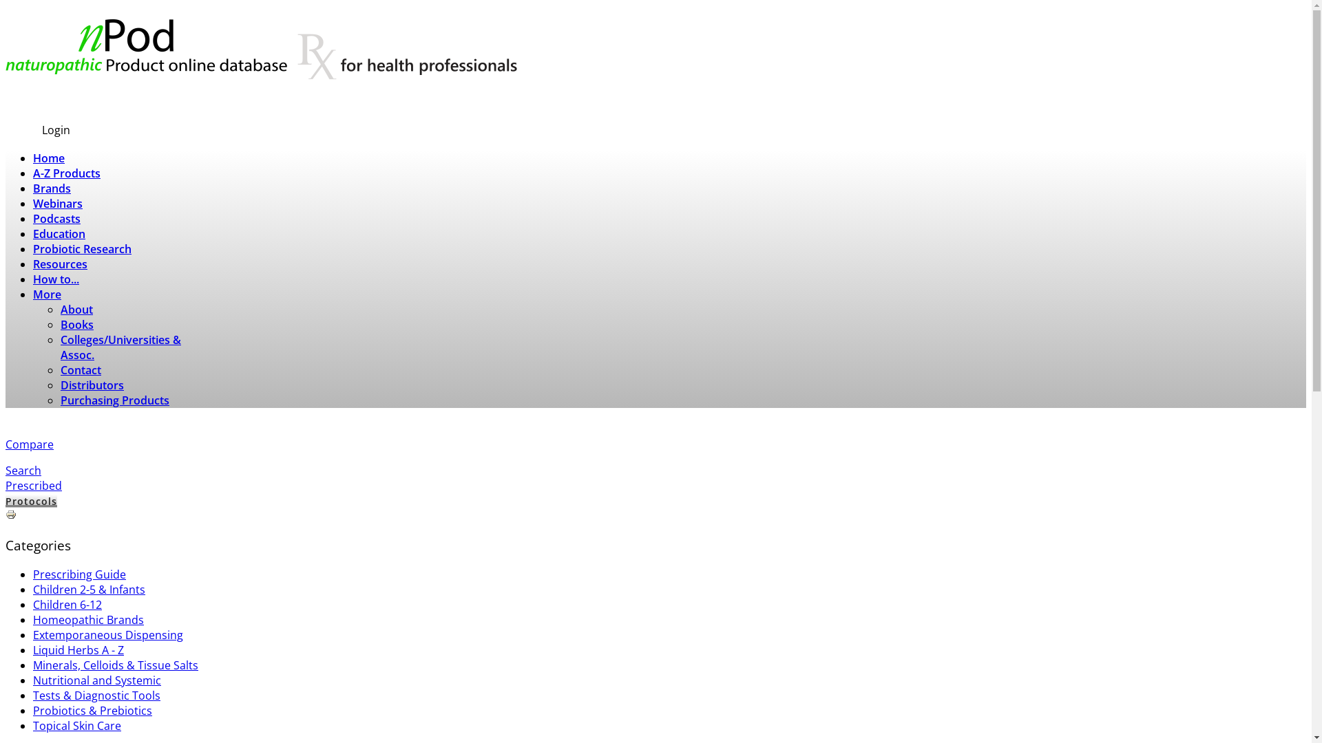 This screenshot has height=743, width=1322. What do you see at coordinates (33, 484) in the screenshot?
I see `'Prescribed'` at bounding box center [33, 484].